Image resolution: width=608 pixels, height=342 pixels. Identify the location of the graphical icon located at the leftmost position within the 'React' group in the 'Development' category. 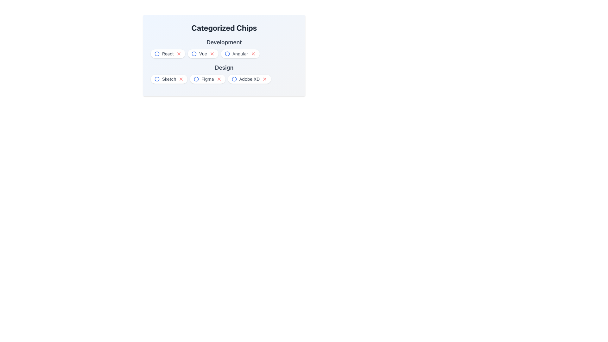
(157, 53).